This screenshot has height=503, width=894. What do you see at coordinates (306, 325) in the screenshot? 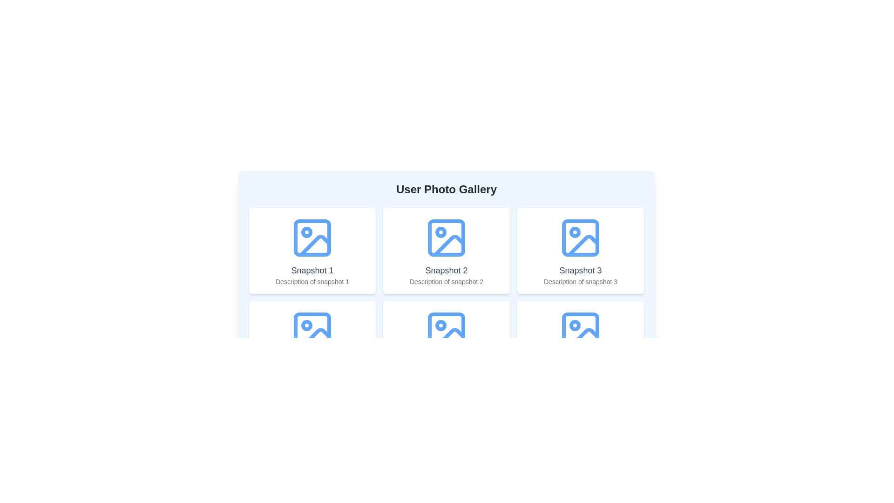
I see `the small circle icon representing a graphical image within the user gallery interface, located at the center-left portion of the SVG graphical icon` at bounding box center [306, 325].